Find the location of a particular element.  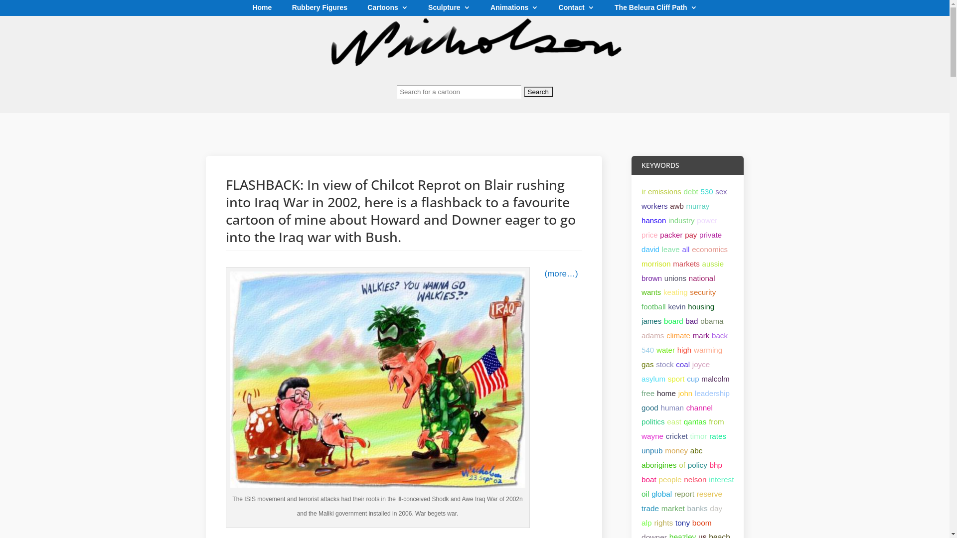

'from' is located at coordinates (715, 421).